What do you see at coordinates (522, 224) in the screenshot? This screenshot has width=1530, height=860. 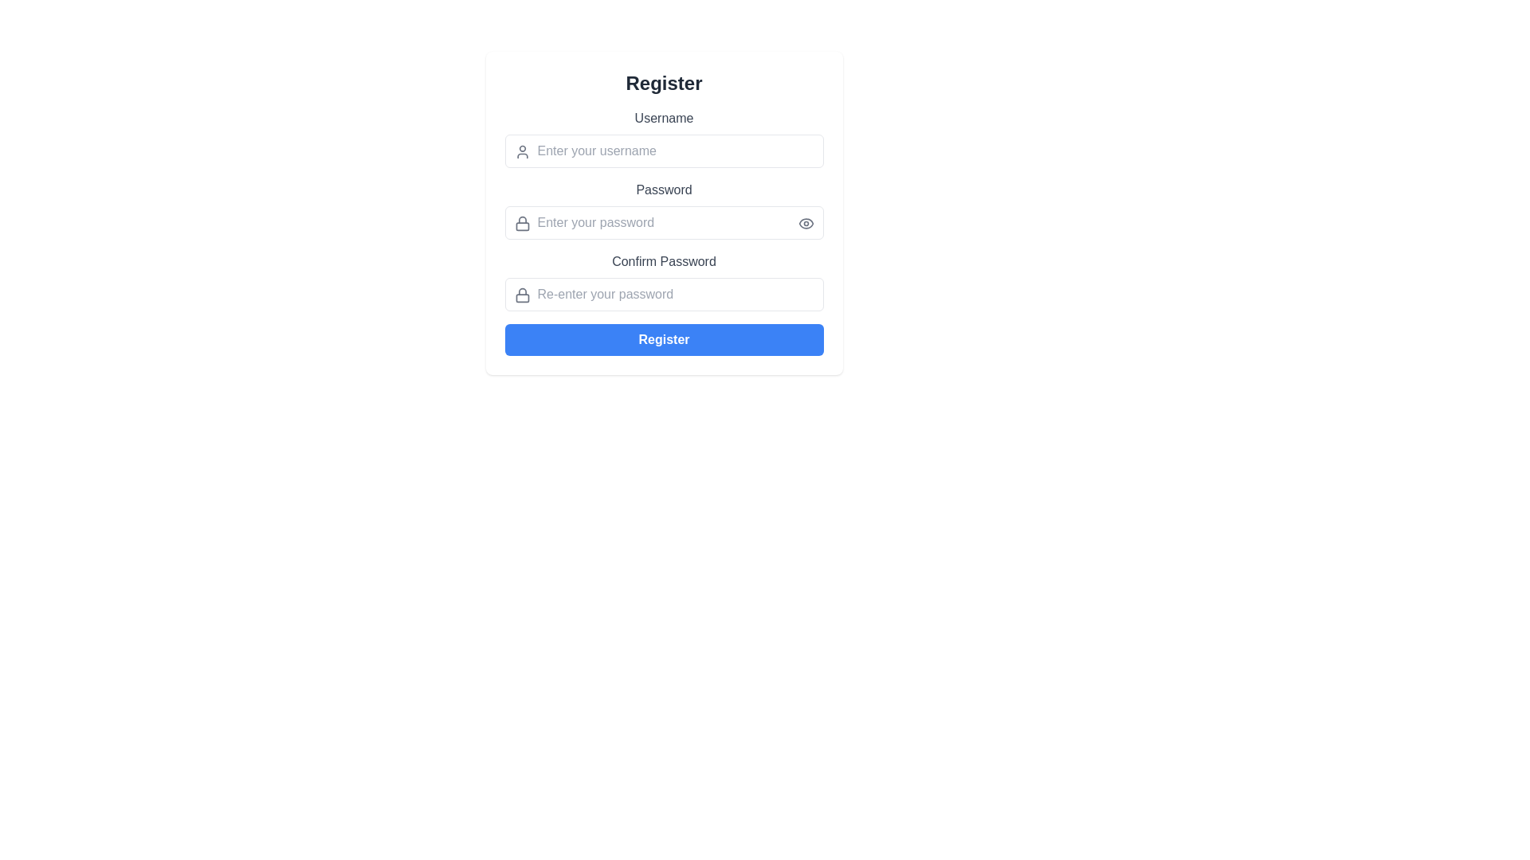 I see `the lock icon with a rounded appearance, which is located to the left side of the password input field` at bounding box center [522, 224].